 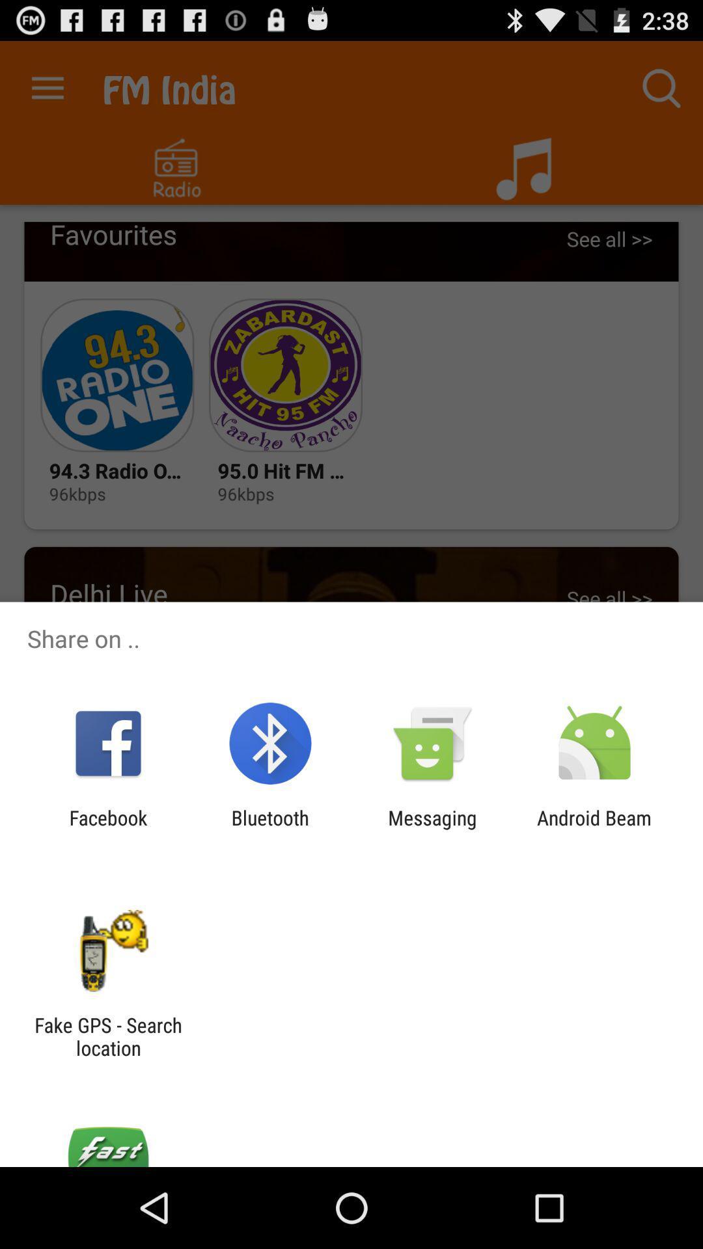 I want to click on the messaging, so click(x=432, y=829).